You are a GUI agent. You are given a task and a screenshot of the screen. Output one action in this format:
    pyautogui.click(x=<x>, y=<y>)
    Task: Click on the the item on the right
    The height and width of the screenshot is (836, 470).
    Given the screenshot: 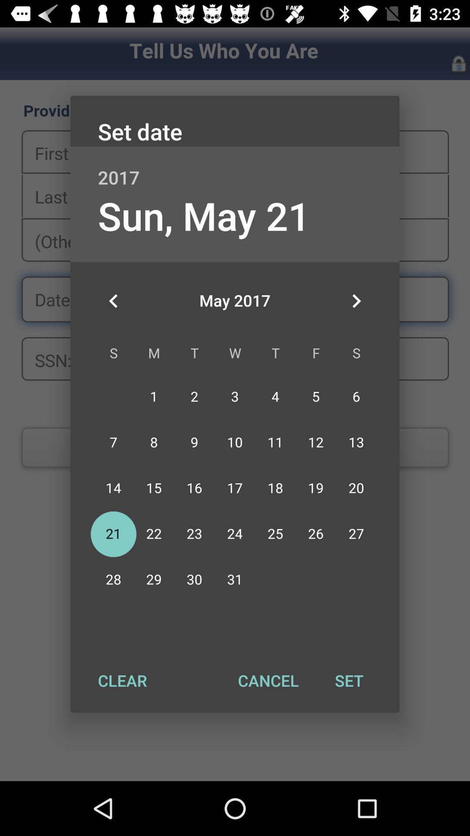 What is the action you would take?
    pyautogui.click(x=356, y=301)
    